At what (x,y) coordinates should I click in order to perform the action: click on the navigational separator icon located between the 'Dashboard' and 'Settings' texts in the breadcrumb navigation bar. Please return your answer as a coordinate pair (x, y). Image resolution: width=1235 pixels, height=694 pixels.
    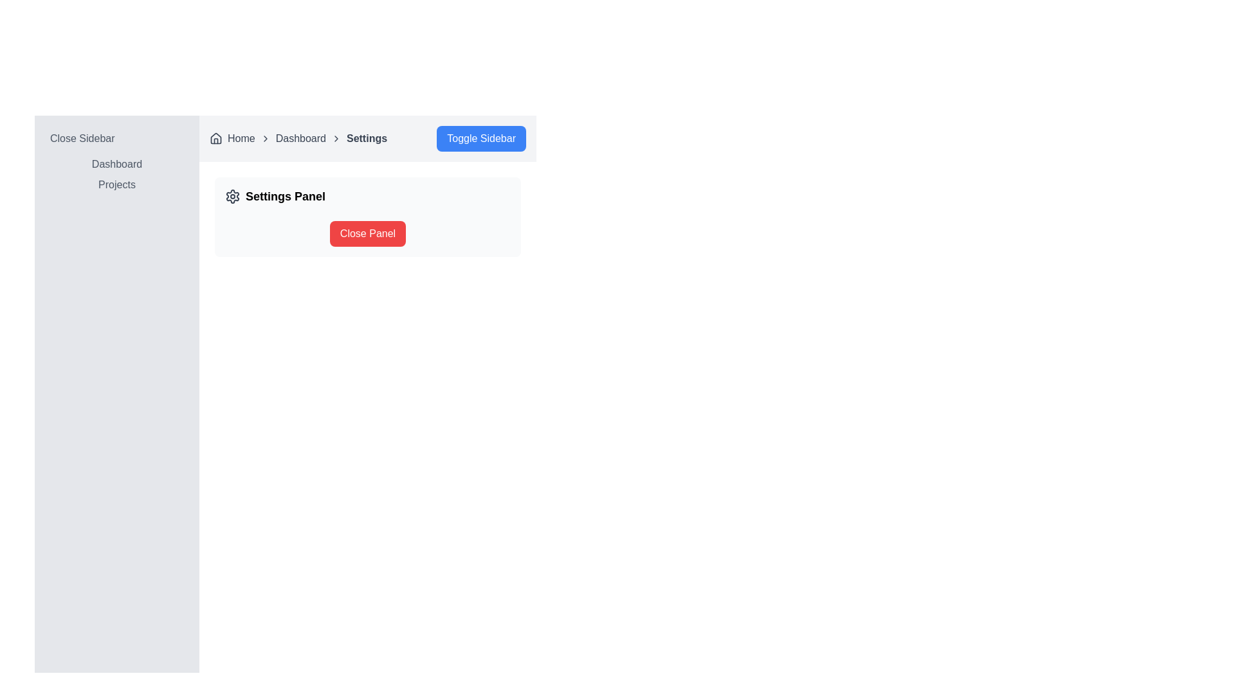
    Looking at the image, I should click on (336, 139).